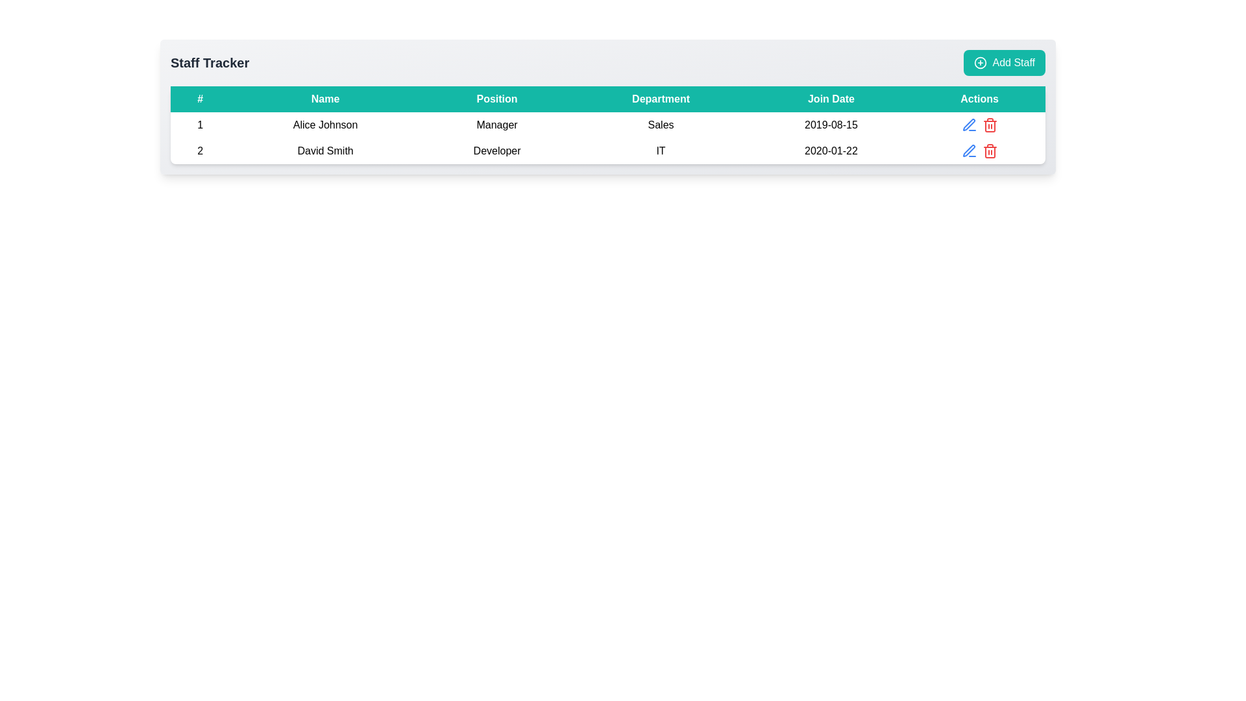 Image resolution: width=1246 pixels, height=701 pixels. I want to click on the blue pen icon in the 'Actions' column of the second row of the data table for the 'David Smith' entry, so click(969, 125).